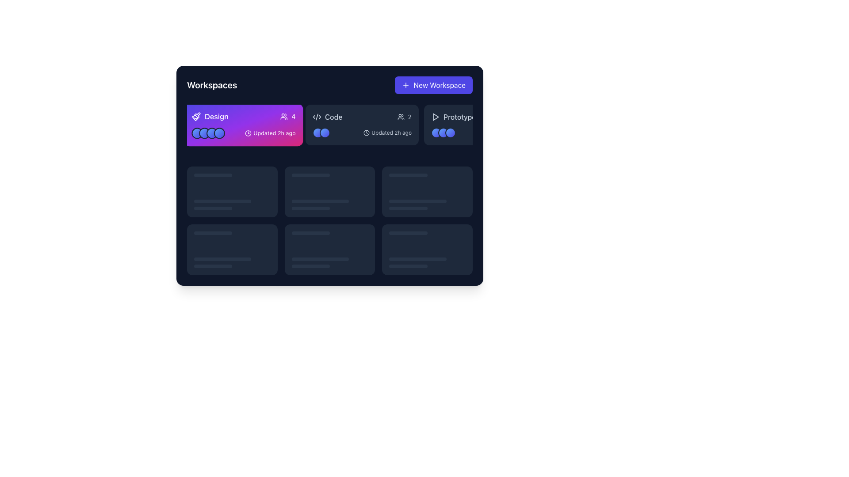 The height and width of the screenshot is (477, 849). What do you see at coordinates (480, 125) in the screenshot?
I see `the Interactive panel item labeled 'Prototype3'` at bounding box center [480, 125].